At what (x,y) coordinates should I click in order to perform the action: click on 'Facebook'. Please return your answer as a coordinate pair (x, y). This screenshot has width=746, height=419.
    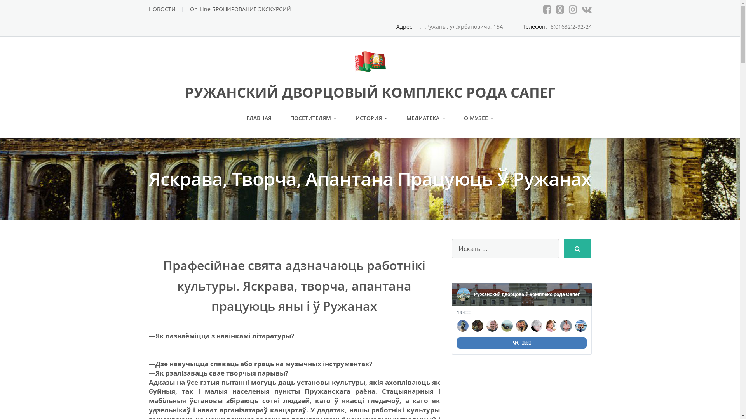
    Looking at the image, I should click on (547, 9).